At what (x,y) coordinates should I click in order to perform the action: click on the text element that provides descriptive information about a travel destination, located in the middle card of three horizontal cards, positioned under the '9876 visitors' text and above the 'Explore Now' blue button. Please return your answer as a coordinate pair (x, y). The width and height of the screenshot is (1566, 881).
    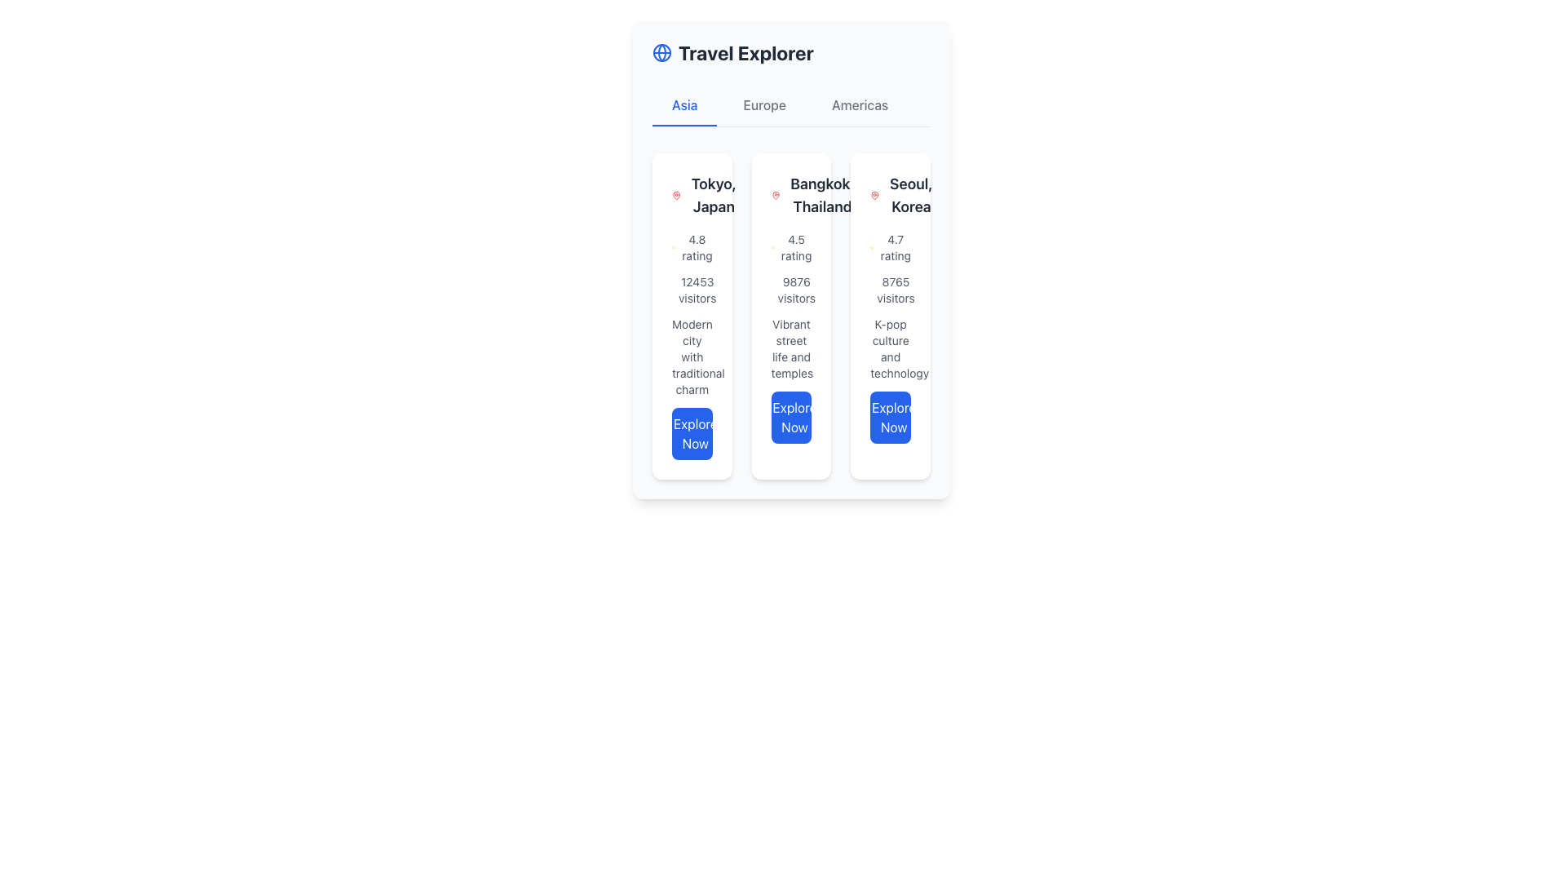
    Looking at the image, I should click on (791, 348).